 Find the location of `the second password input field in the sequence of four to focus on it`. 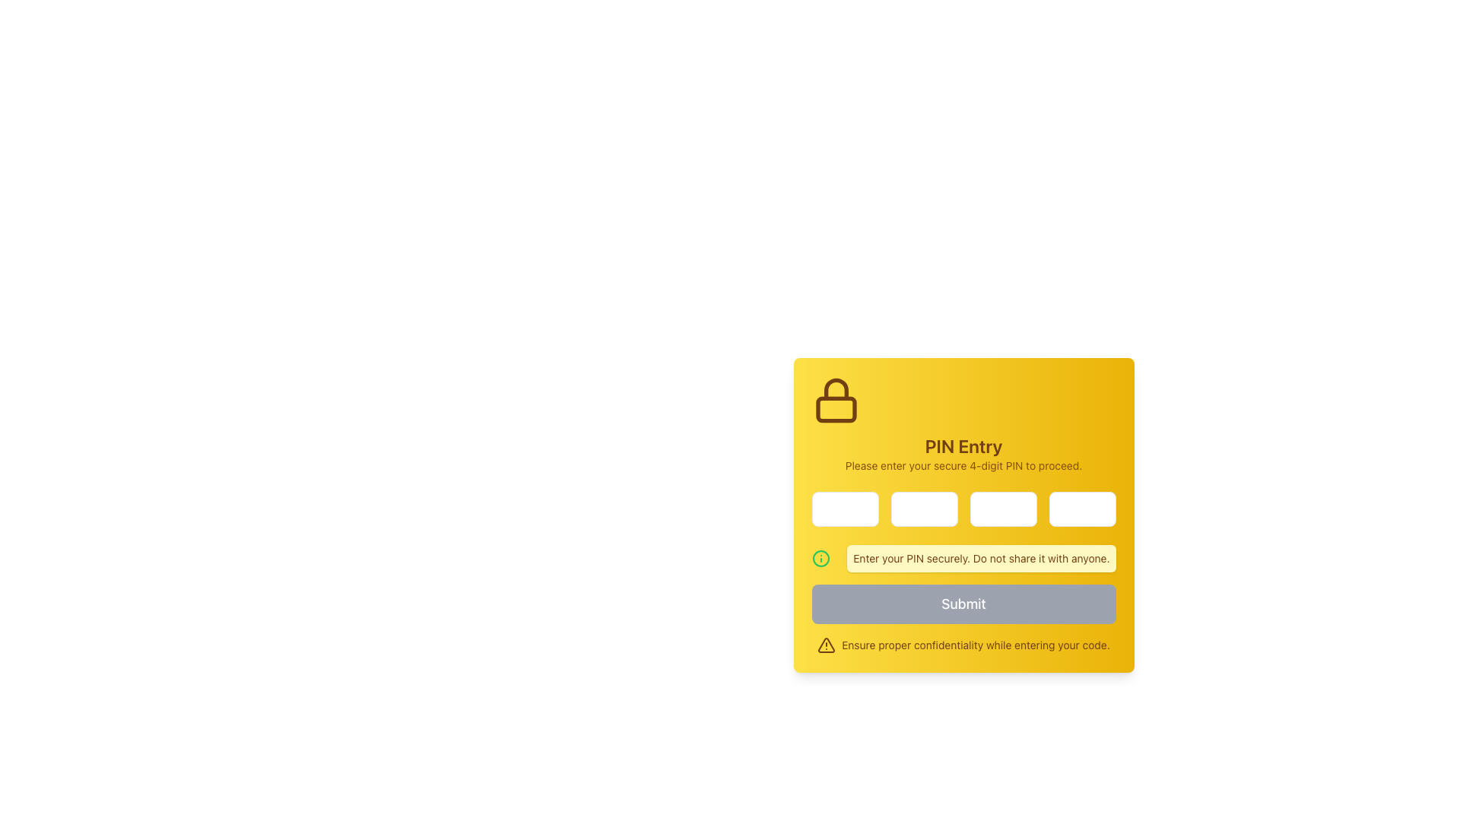

the second password input field in the sequence of four to focus on it is located at coordinates (923, 509).